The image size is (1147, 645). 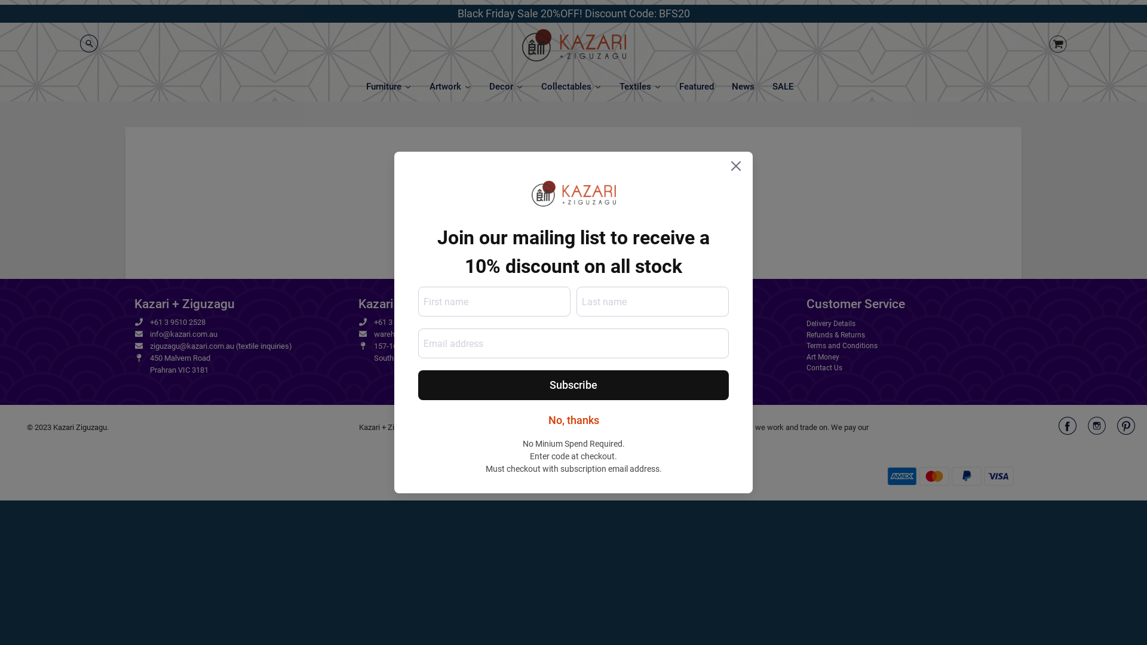 I want to click on 'SALE', so click(x=783, y=86).